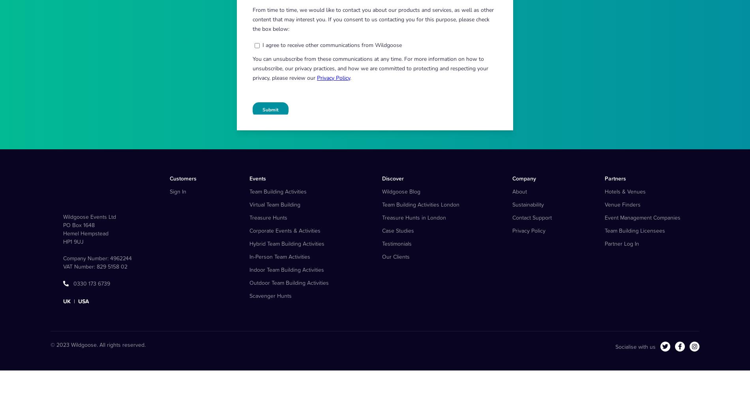 This screenshot has width=750, height=408. I want to click on 'Treasure Hunts', so click(268, 256).